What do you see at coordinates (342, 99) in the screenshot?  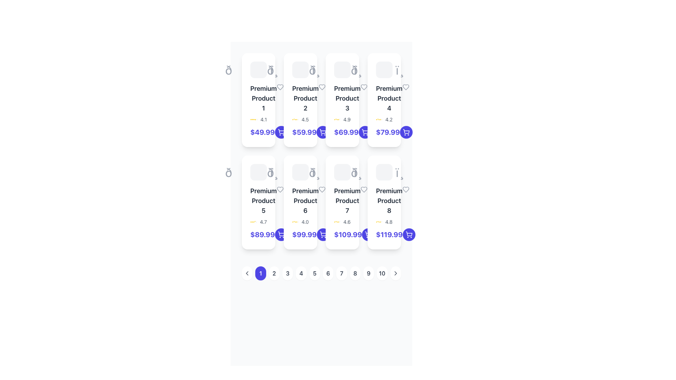 I see `the text label that identifies the associated product, located centrally within the third card from the left in the first row of the product grid` at bounding box center [342, 99].